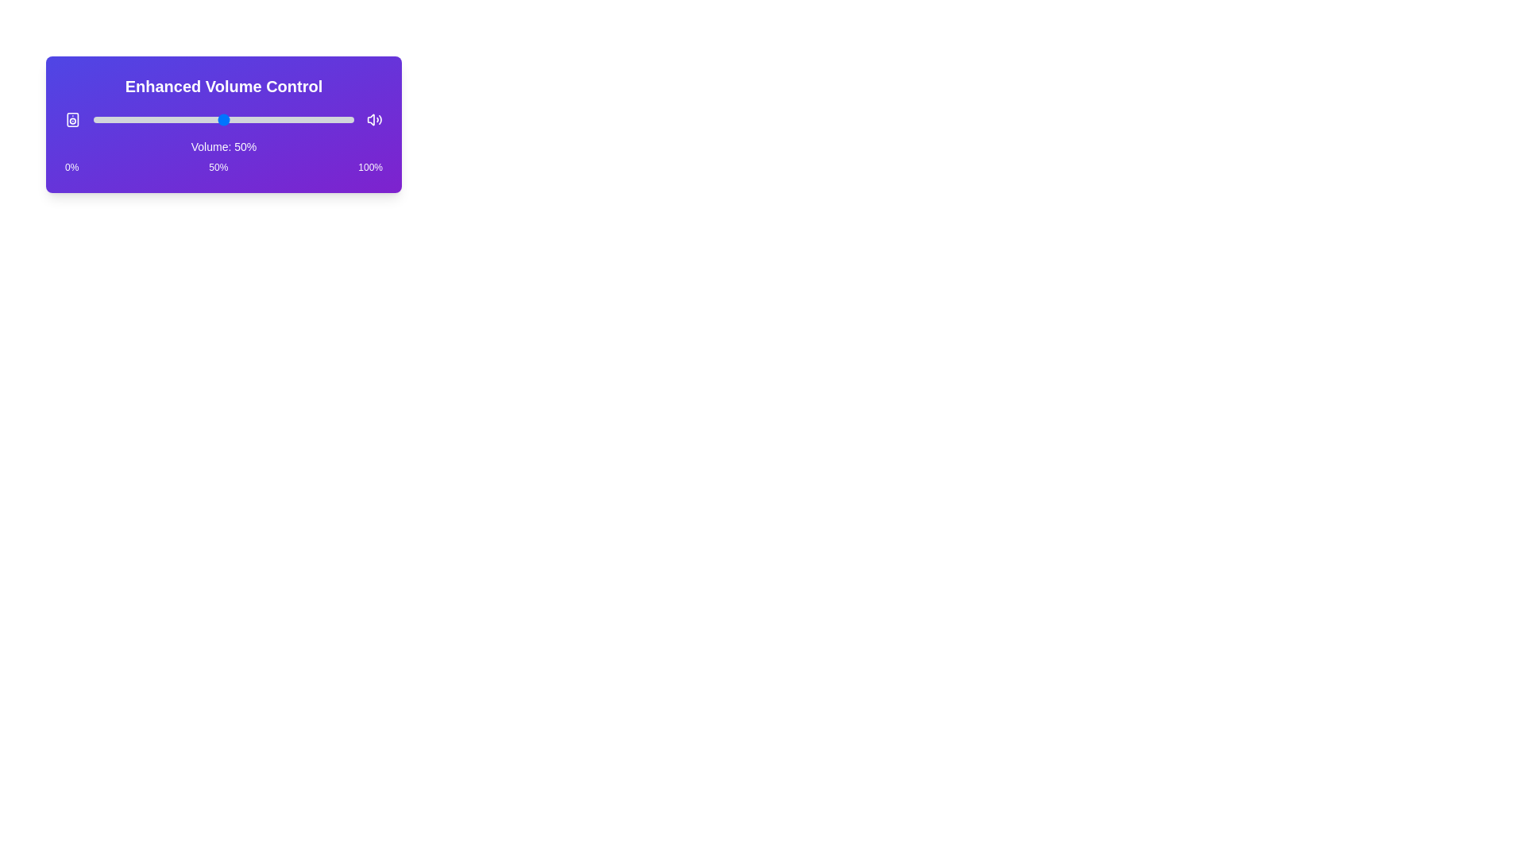 This screenshot has width=1525, height=858. I want to click on the speaker icon to the left of the slider, so click(71, 118).